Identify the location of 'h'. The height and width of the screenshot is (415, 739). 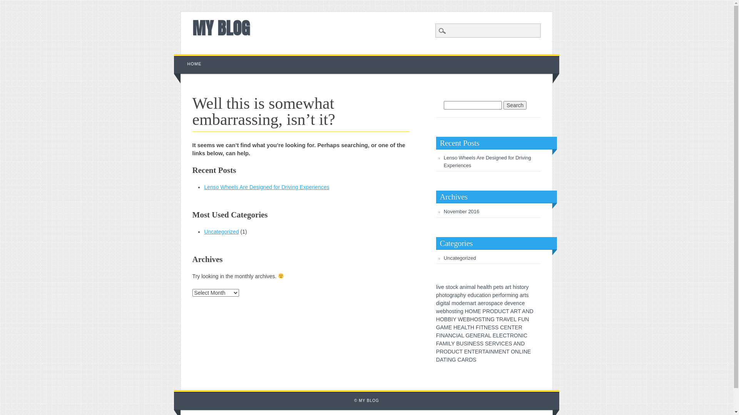
(462, 294).